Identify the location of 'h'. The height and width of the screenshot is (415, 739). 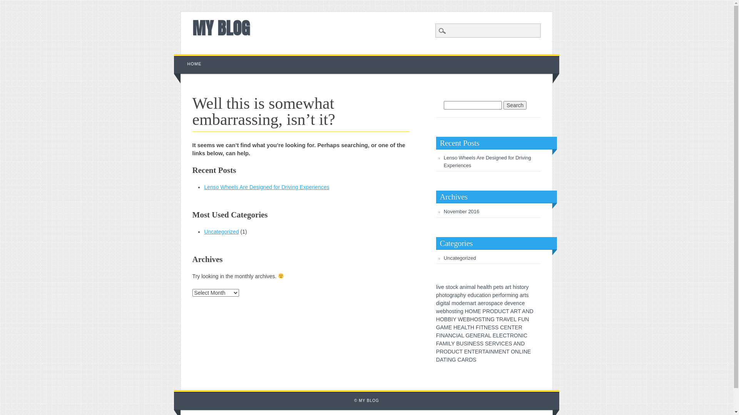
(462, 294).